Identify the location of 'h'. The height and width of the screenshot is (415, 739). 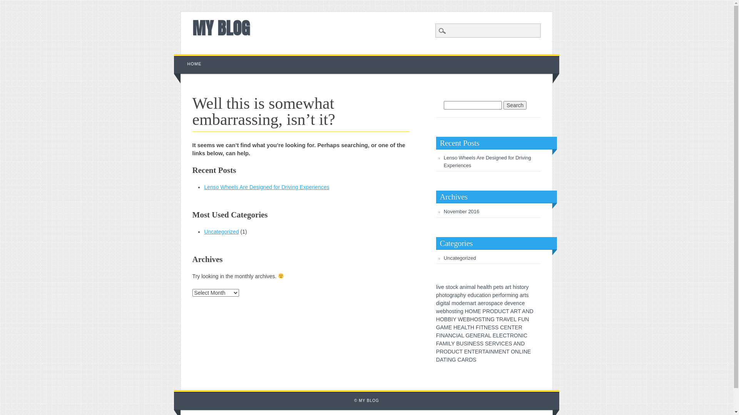
(462, 294).